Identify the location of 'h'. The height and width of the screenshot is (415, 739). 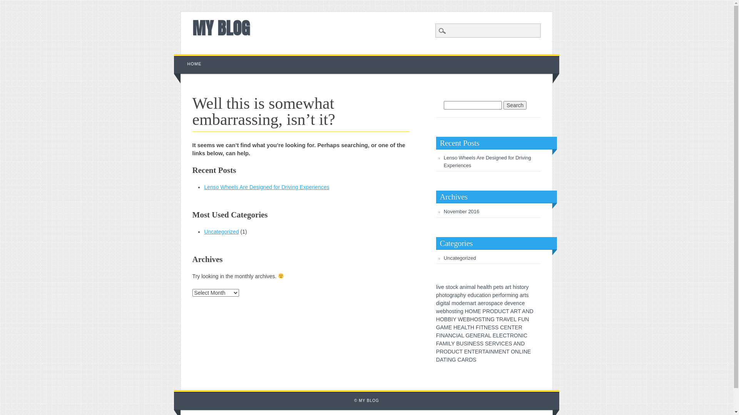
(462, 294).